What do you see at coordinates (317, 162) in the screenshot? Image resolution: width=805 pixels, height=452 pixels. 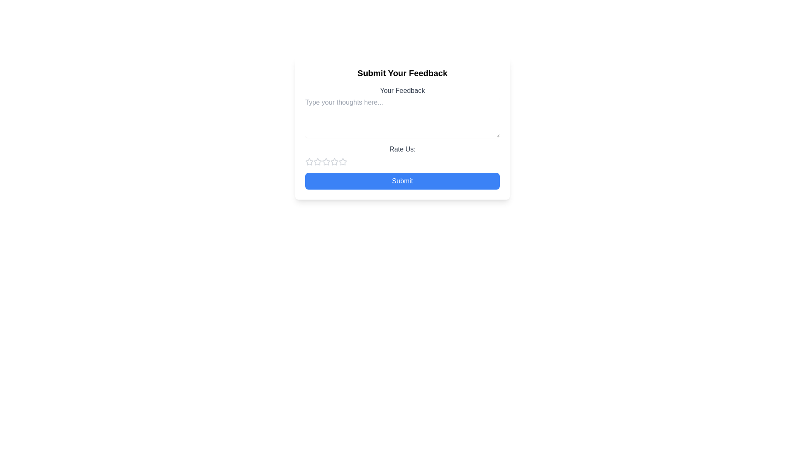 I see `the second button from the left` at bounding box center [317, 162].